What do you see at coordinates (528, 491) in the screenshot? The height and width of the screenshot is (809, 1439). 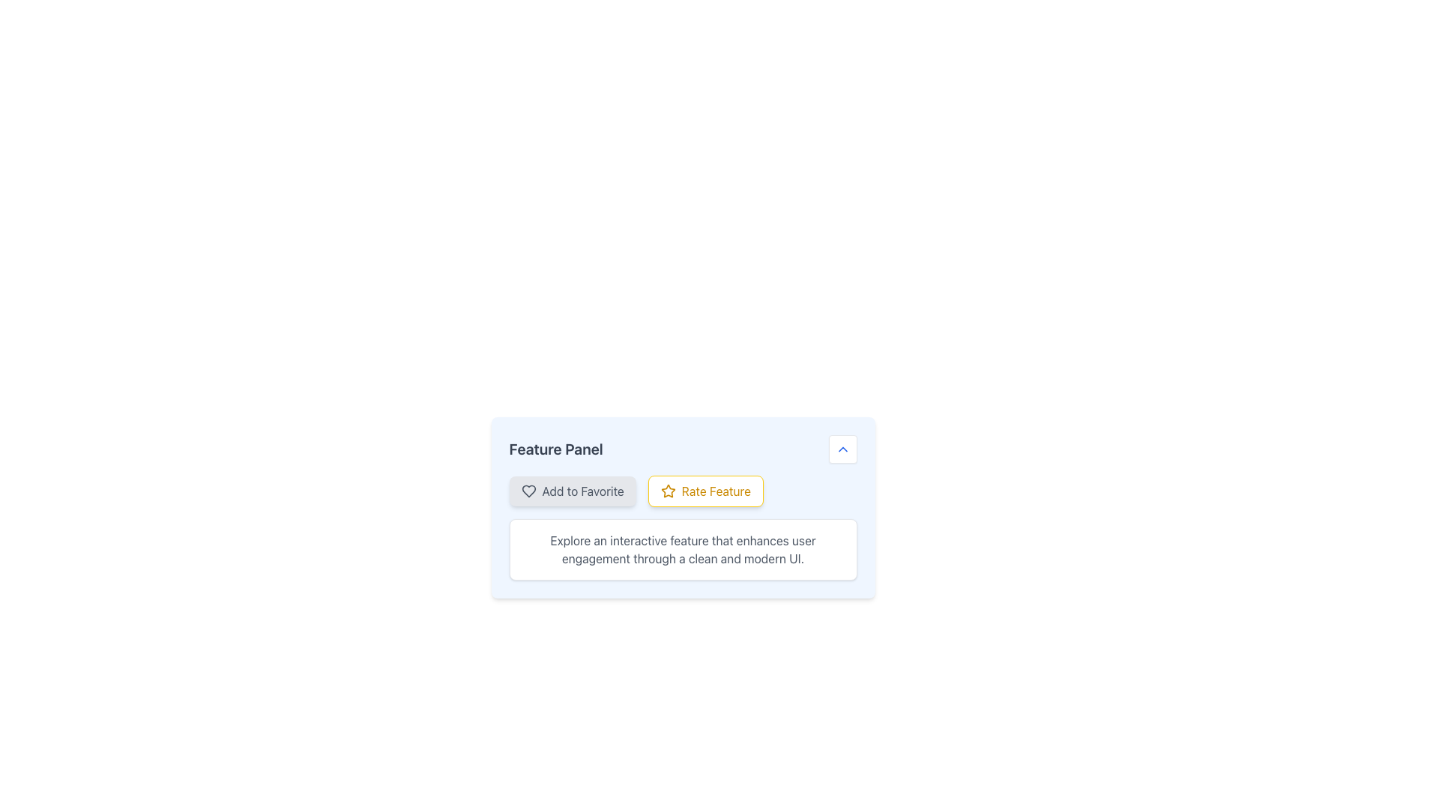 I see `the heart-shaped icon in the 'Add to Favorite' button located in the left section of the 'Feature Panel'` at bounding box center [528, 491].